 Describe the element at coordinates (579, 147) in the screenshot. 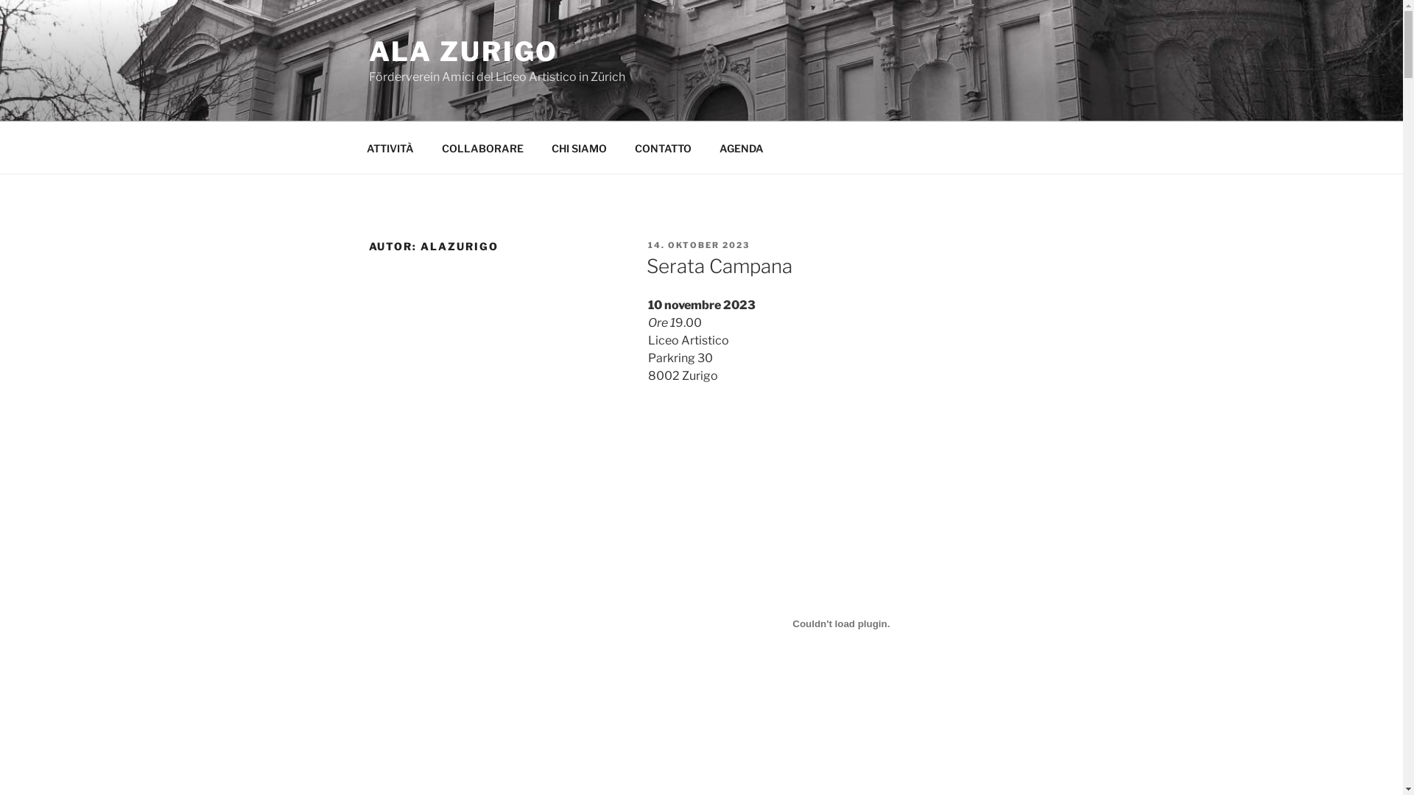

I see `'CHI SIAMO'` at that location.